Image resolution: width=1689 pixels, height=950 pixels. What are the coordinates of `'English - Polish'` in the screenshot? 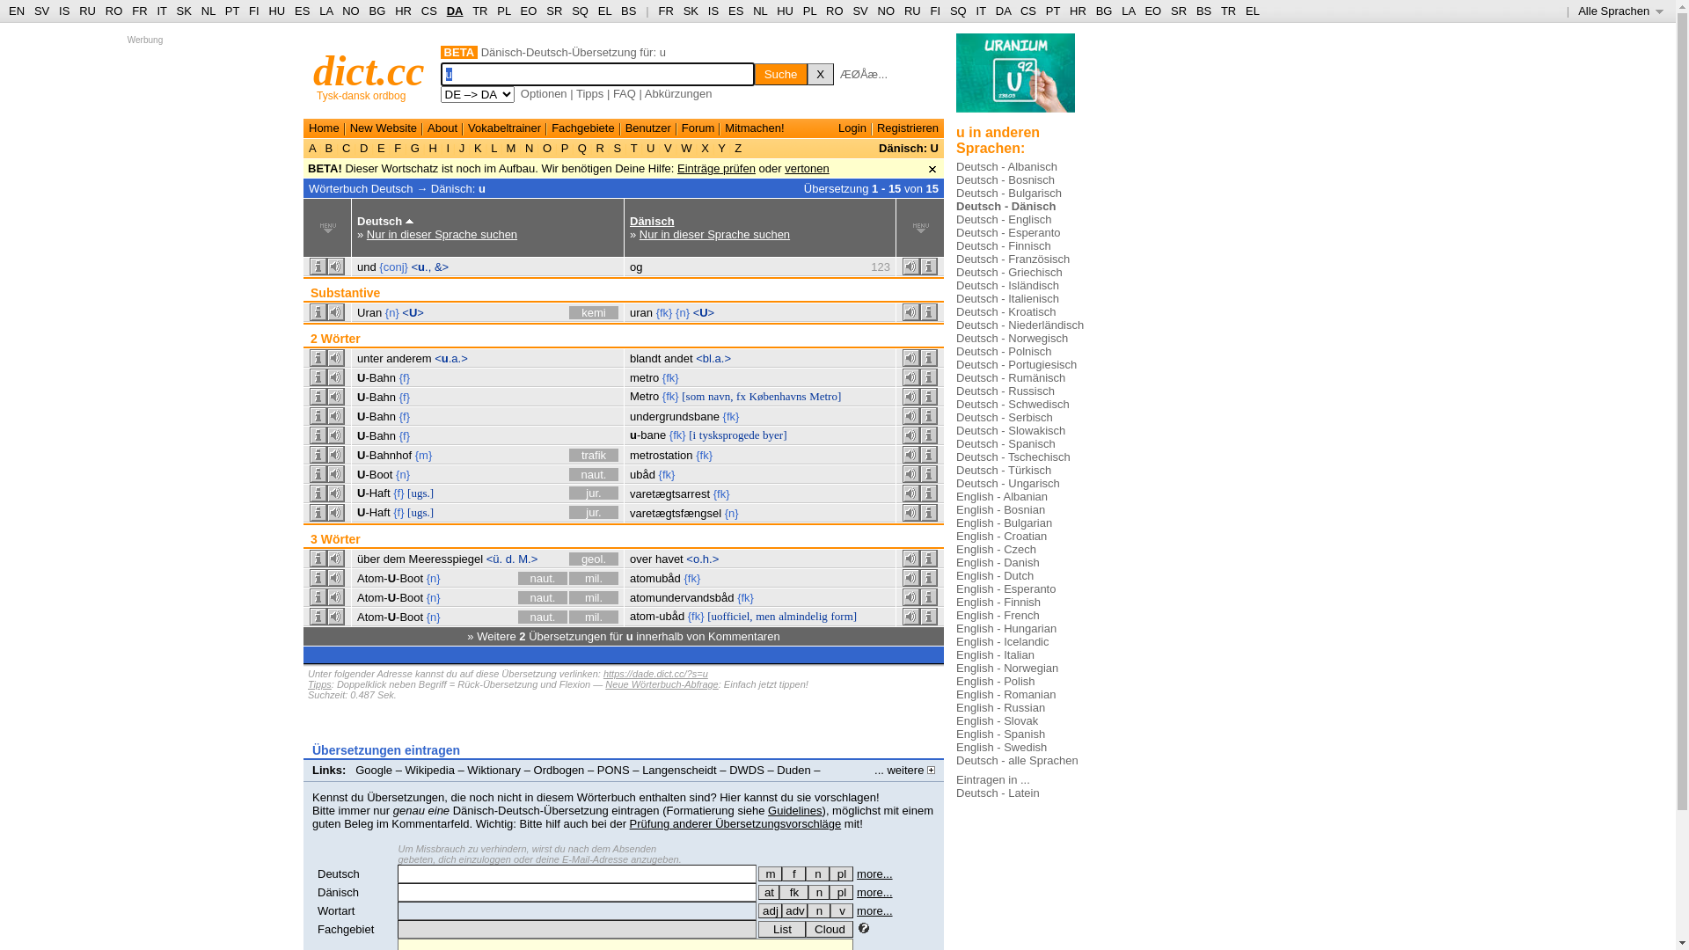 It's located at (954, 680).